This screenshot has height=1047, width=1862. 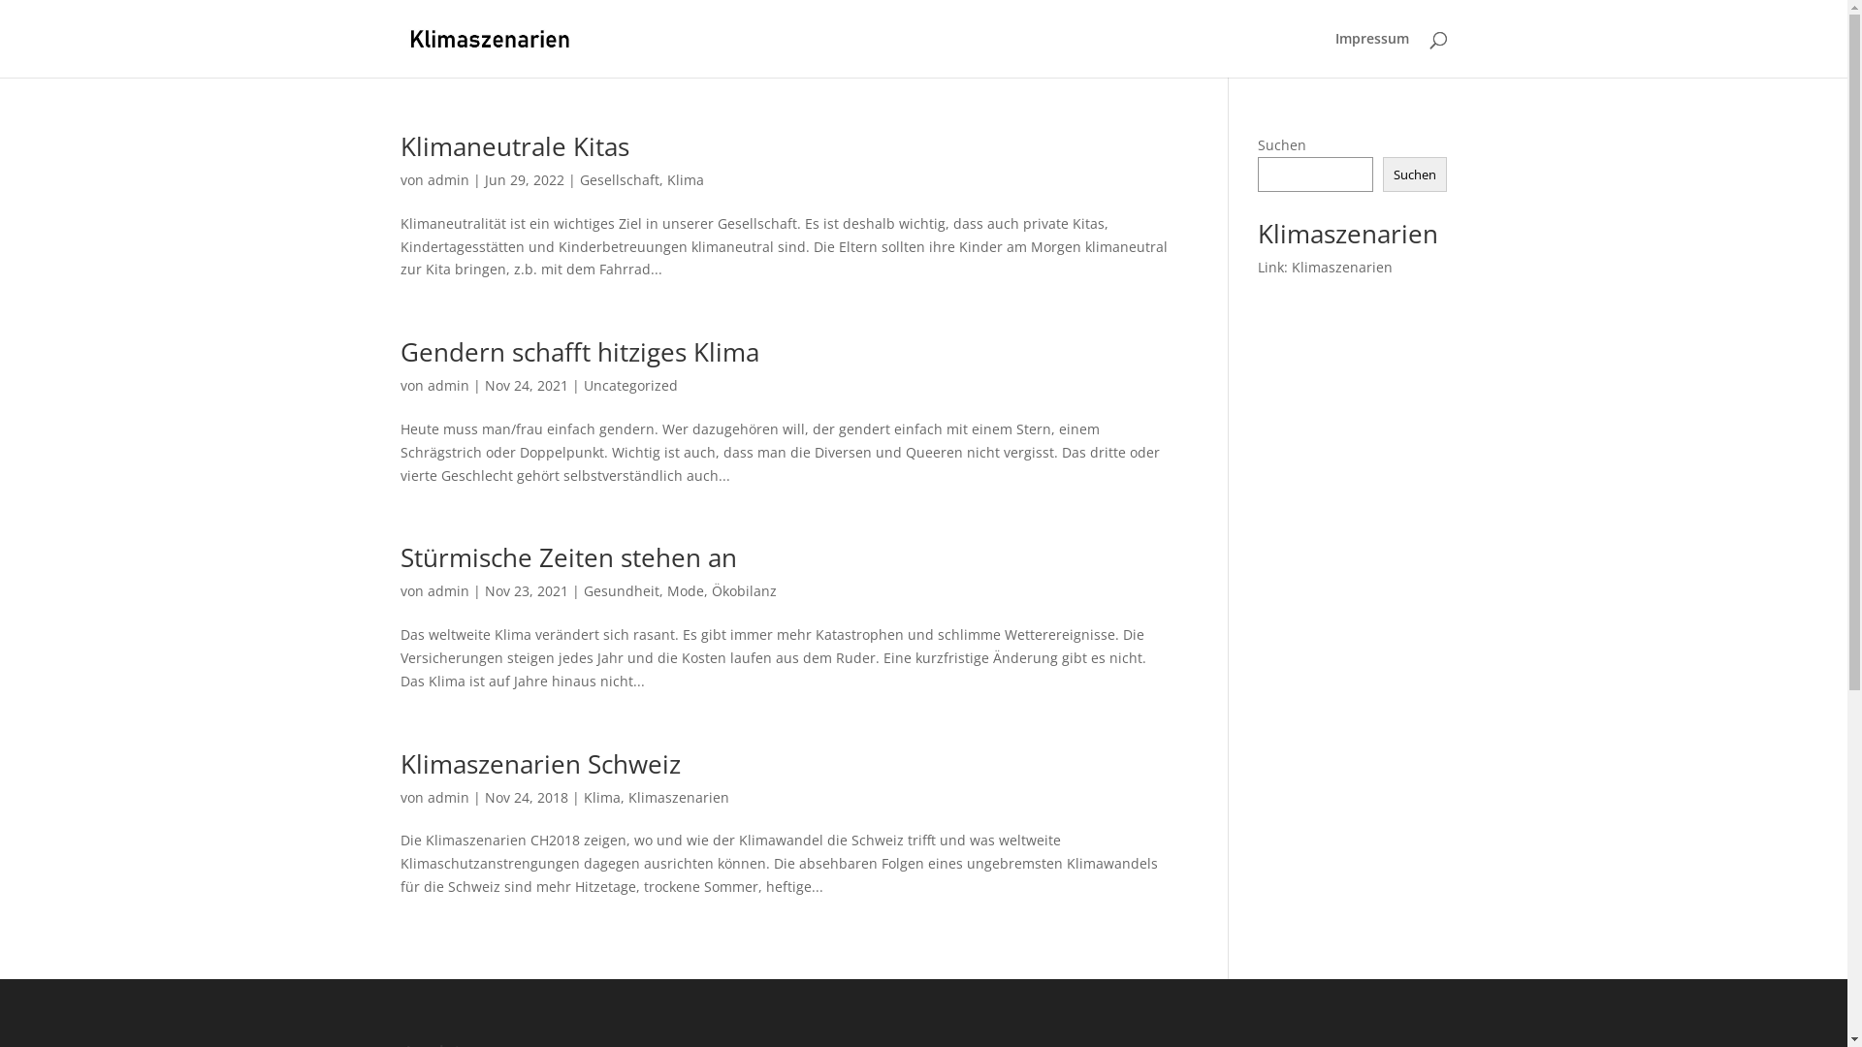 I want to click on 'Klimaszenarien Schweiz', so click(x=539, y=762).